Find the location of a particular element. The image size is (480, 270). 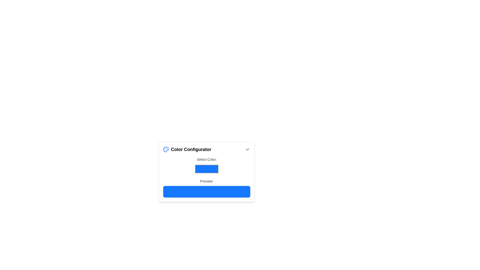

on the Color Picker Input located beneath the 'Select Color:' label is located at coordinates (206, 169).